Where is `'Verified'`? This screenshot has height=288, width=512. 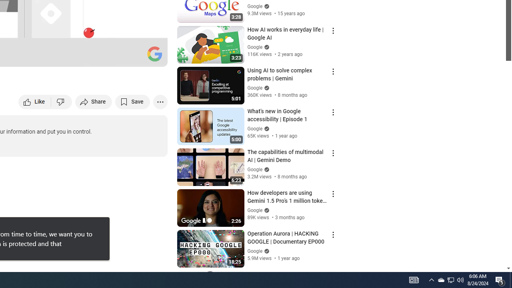 'Verified' is located at coordinates (266, 250).